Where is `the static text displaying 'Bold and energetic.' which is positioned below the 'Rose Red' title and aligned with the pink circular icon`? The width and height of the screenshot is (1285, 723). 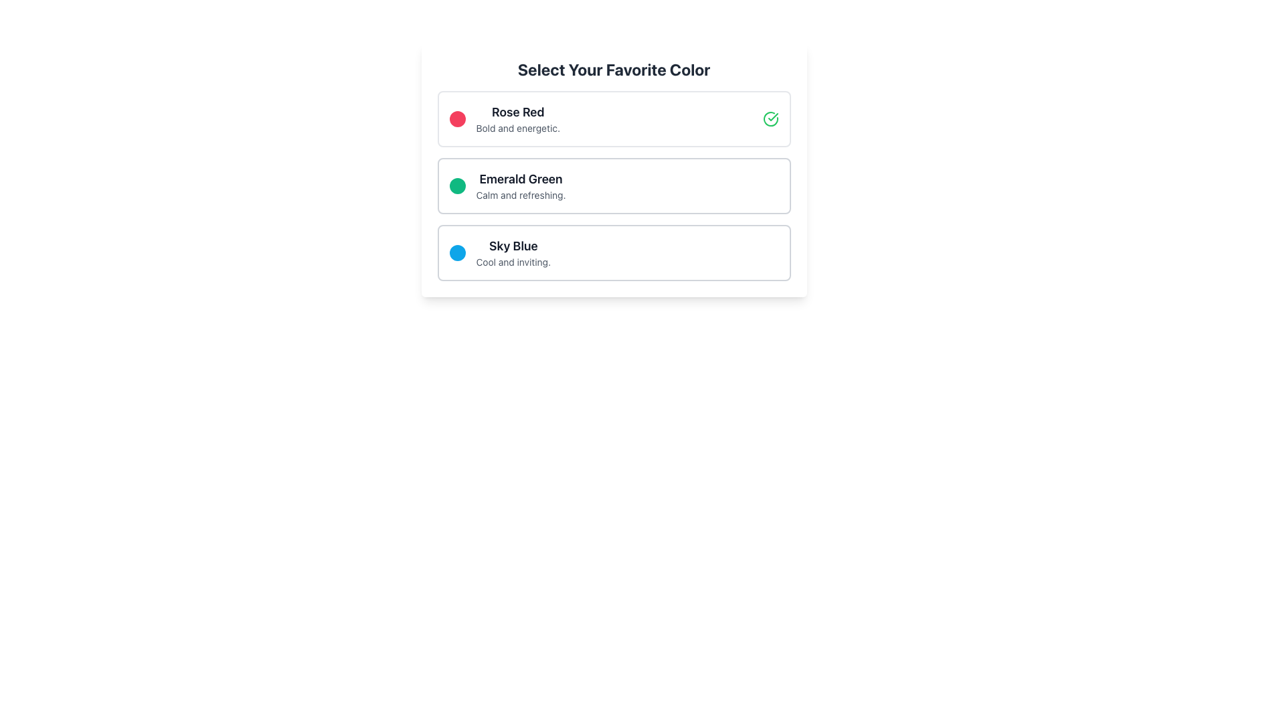 the static text displaying 'Bold and energetic.' which is positioned below the 'Rose Red' title and aligned with the pink circular icon is located at coordinates (517, 129).